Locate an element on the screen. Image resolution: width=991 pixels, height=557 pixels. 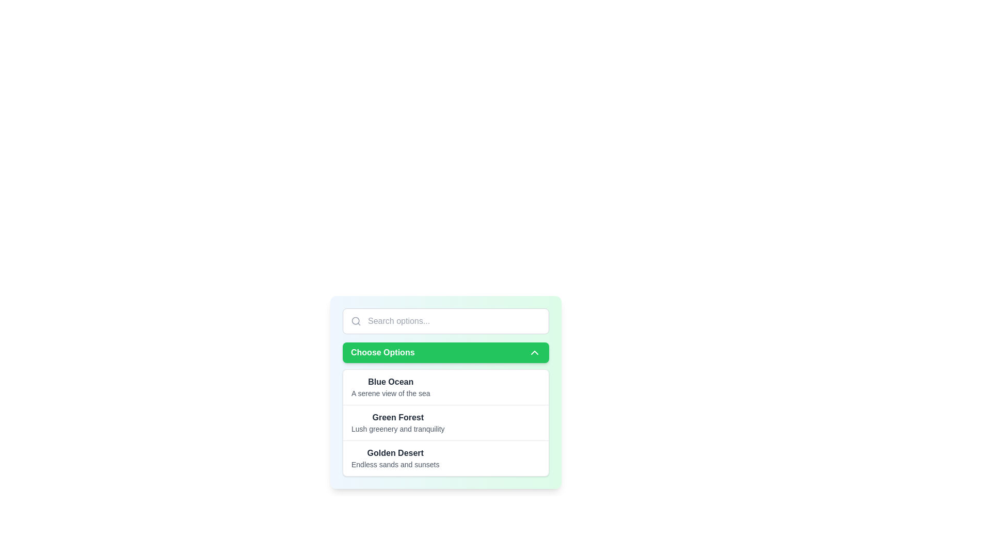
the descriptive text element associated with the 'Blue Ocean' option in the dropdown menu, which provides additional context for user selection is located at coordinates (390, 394).